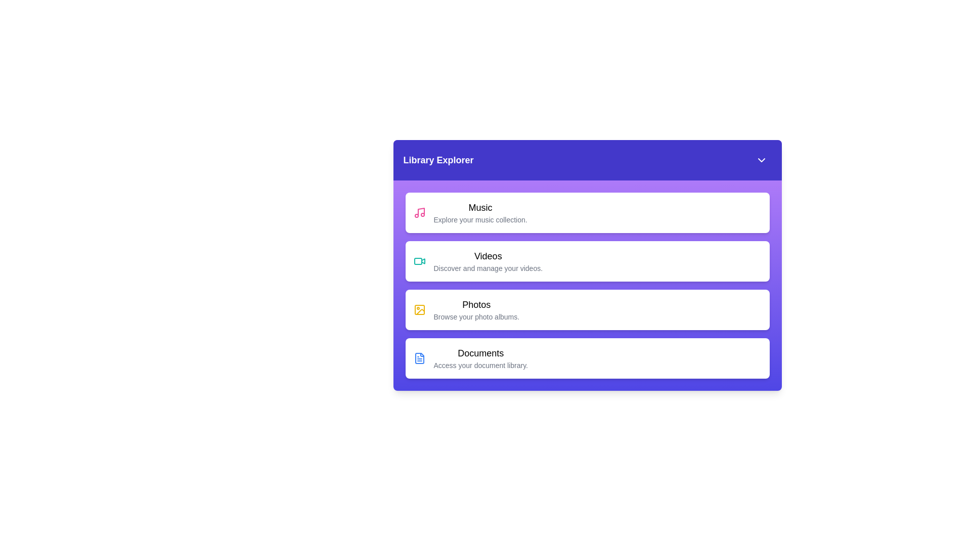 The image size is (971, 546). I want to click on the library item Photos to read its description, so click(587, 309).